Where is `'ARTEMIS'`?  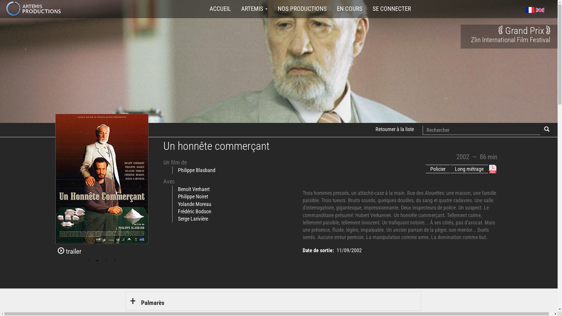 'ARTEMIS' is located at coordinates (254, 9).